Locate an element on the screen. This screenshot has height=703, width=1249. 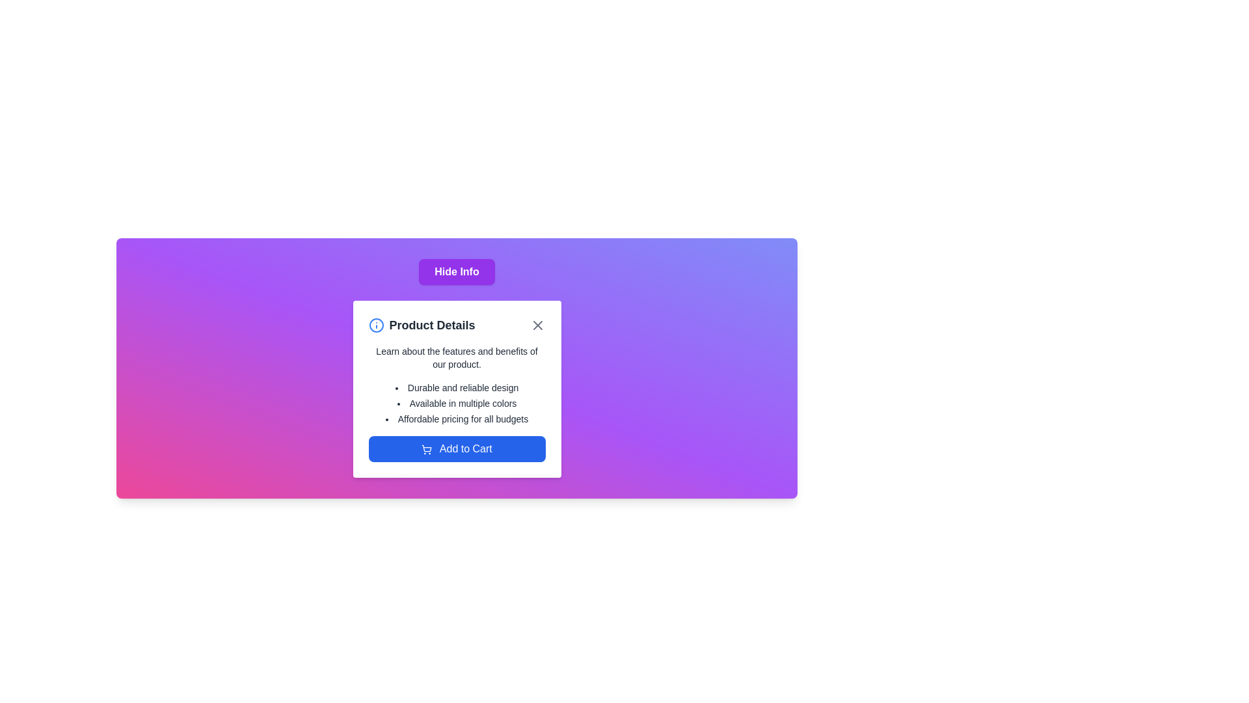
the descriptive text element that provides product attributes in the 'Product Details' section, which is the first item in a three-item bulleted list is located at coordinates (457, 387).